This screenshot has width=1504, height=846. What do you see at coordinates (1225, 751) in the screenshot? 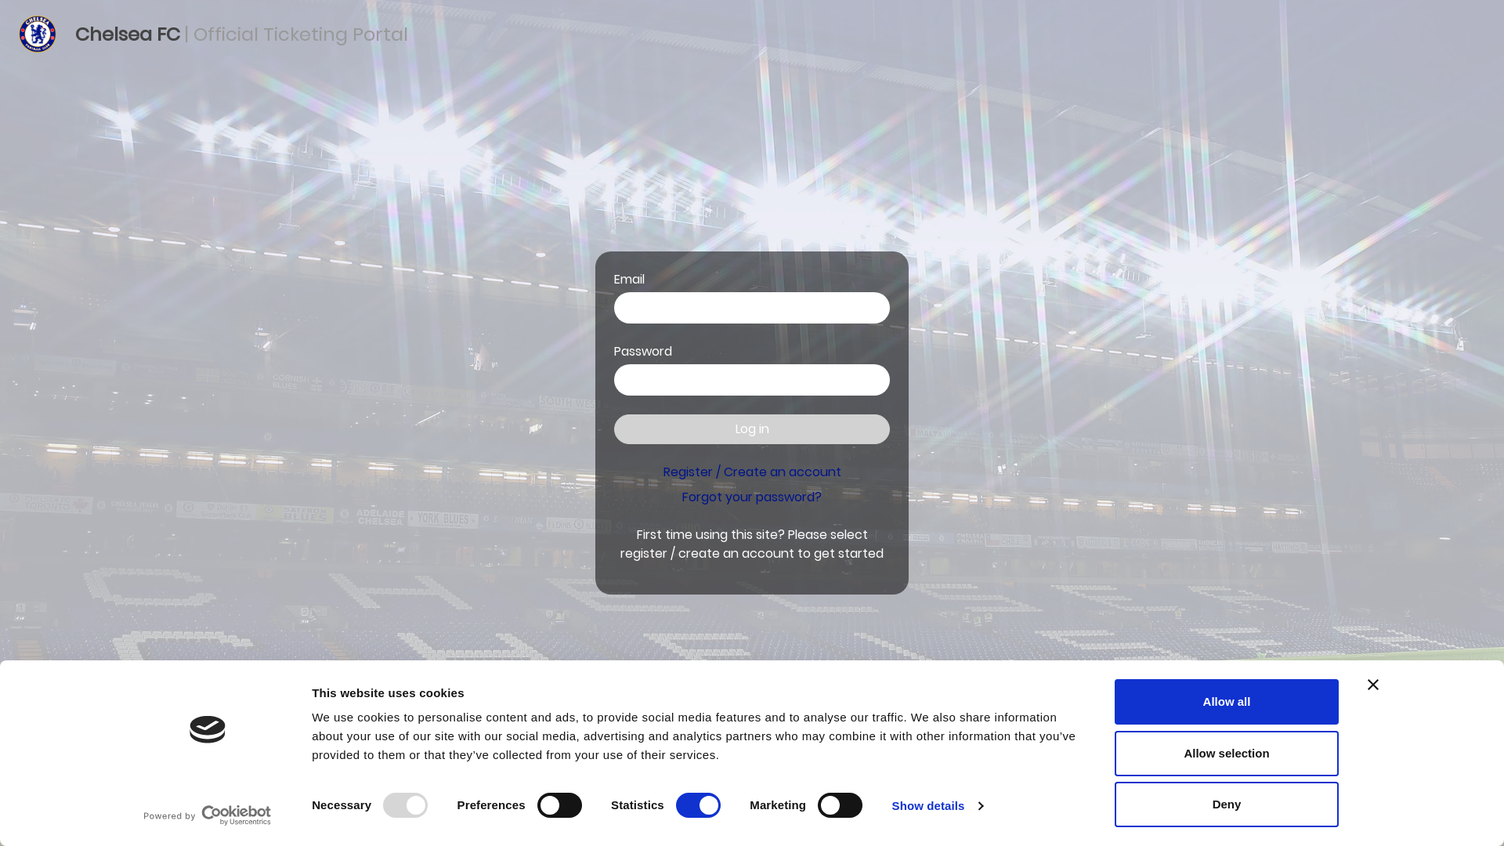
I see `'Allow selection'` at bounding box center [1225, 751].